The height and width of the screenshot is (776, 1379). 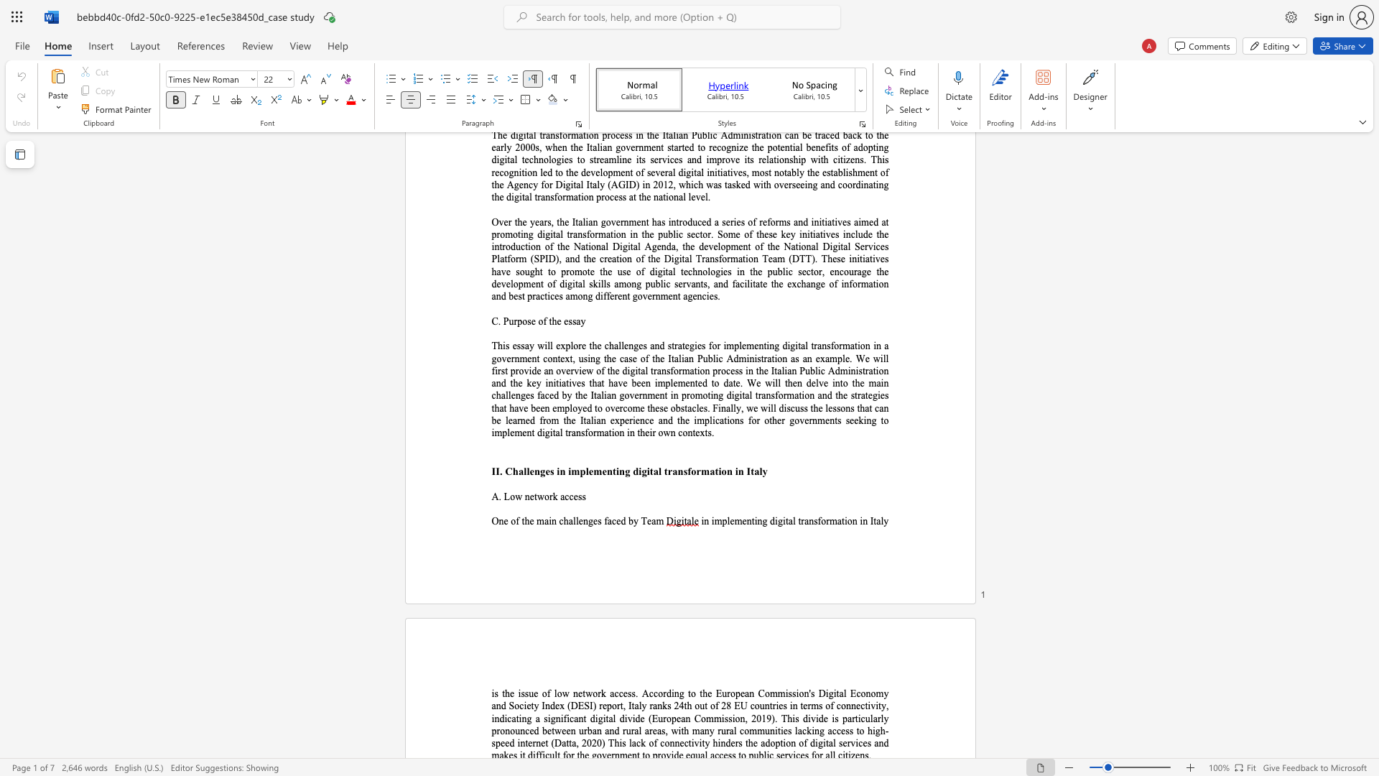 I want to click on the subset text "ndicating" within the text "indicating", so click(x=494, y=719).